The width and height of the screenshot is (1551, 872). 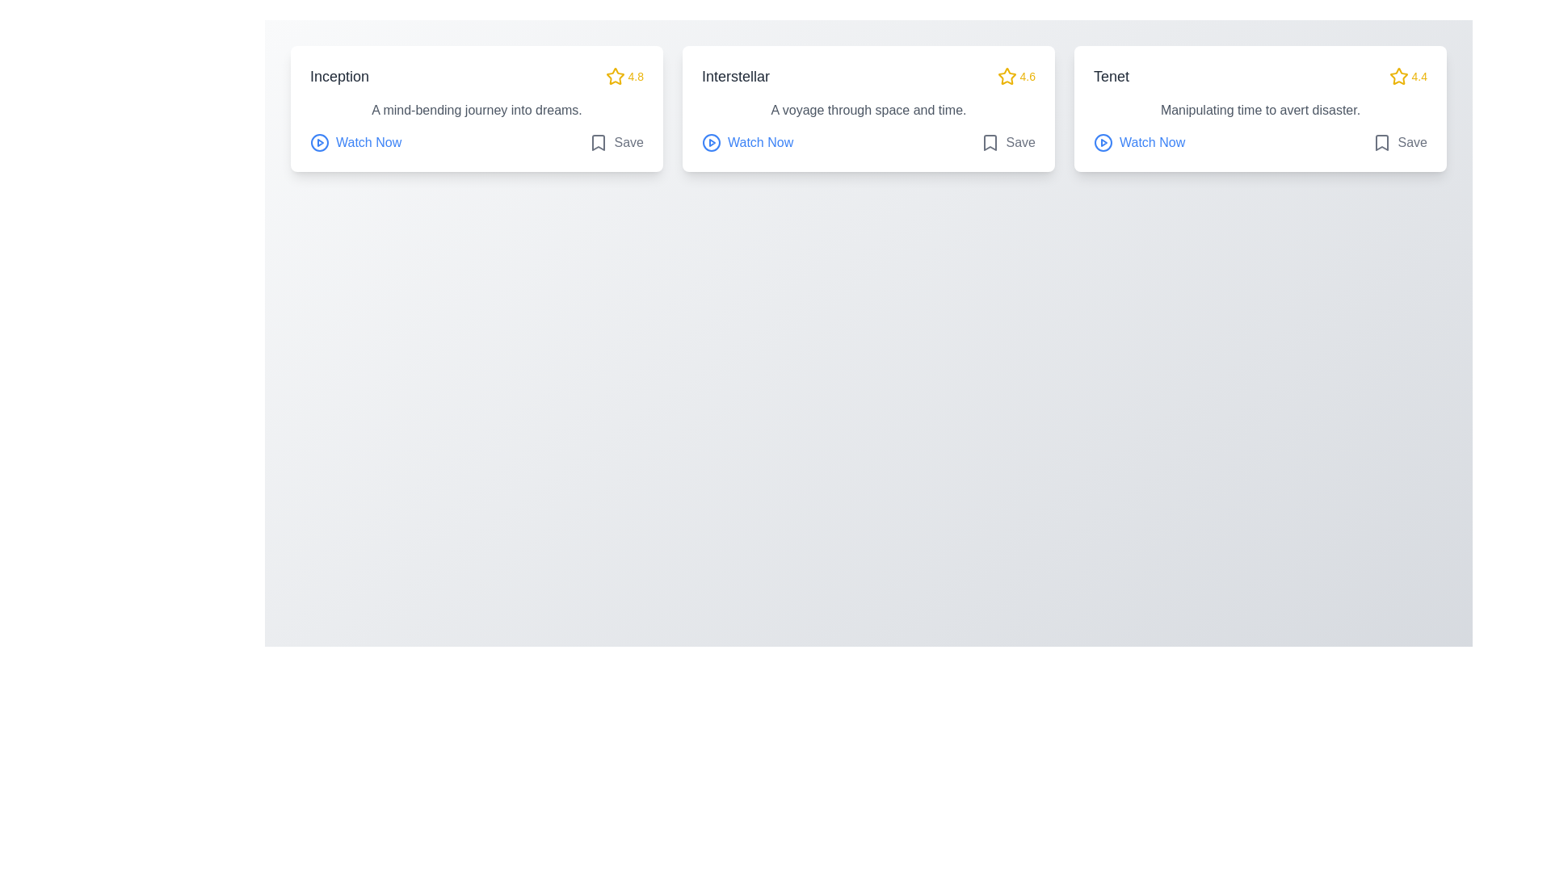 I want to click on the bookmarking icon located within the 'Inception' card, adjacent to the 'Save' text label, so click(x=597, y=142).